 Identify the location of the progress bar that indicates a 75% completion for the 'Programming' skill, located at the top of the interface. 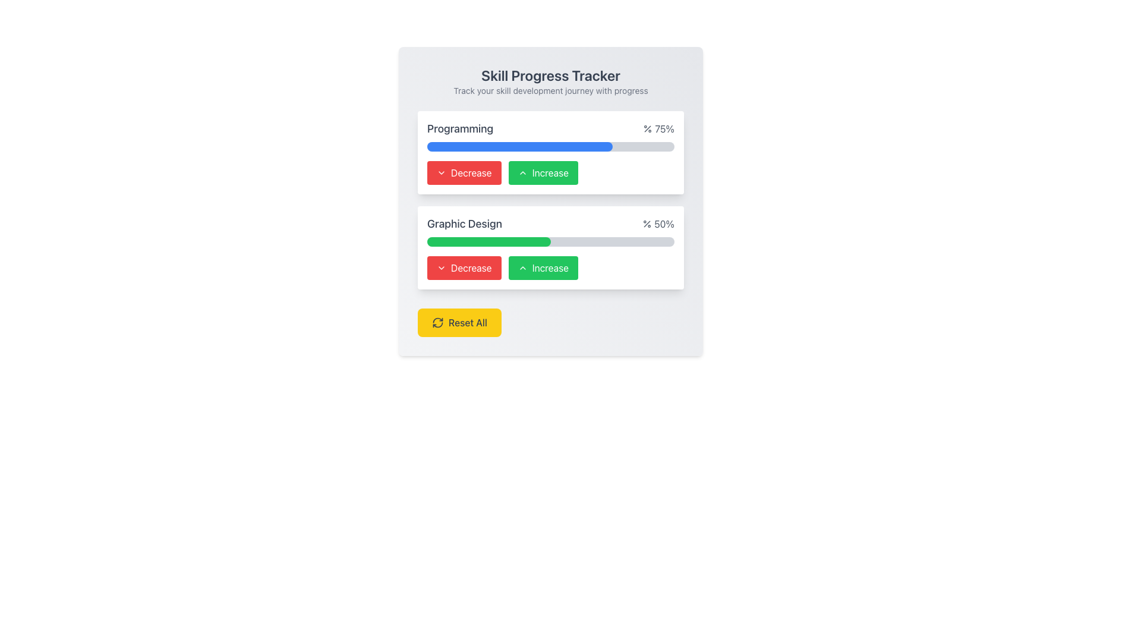
(519, 146).